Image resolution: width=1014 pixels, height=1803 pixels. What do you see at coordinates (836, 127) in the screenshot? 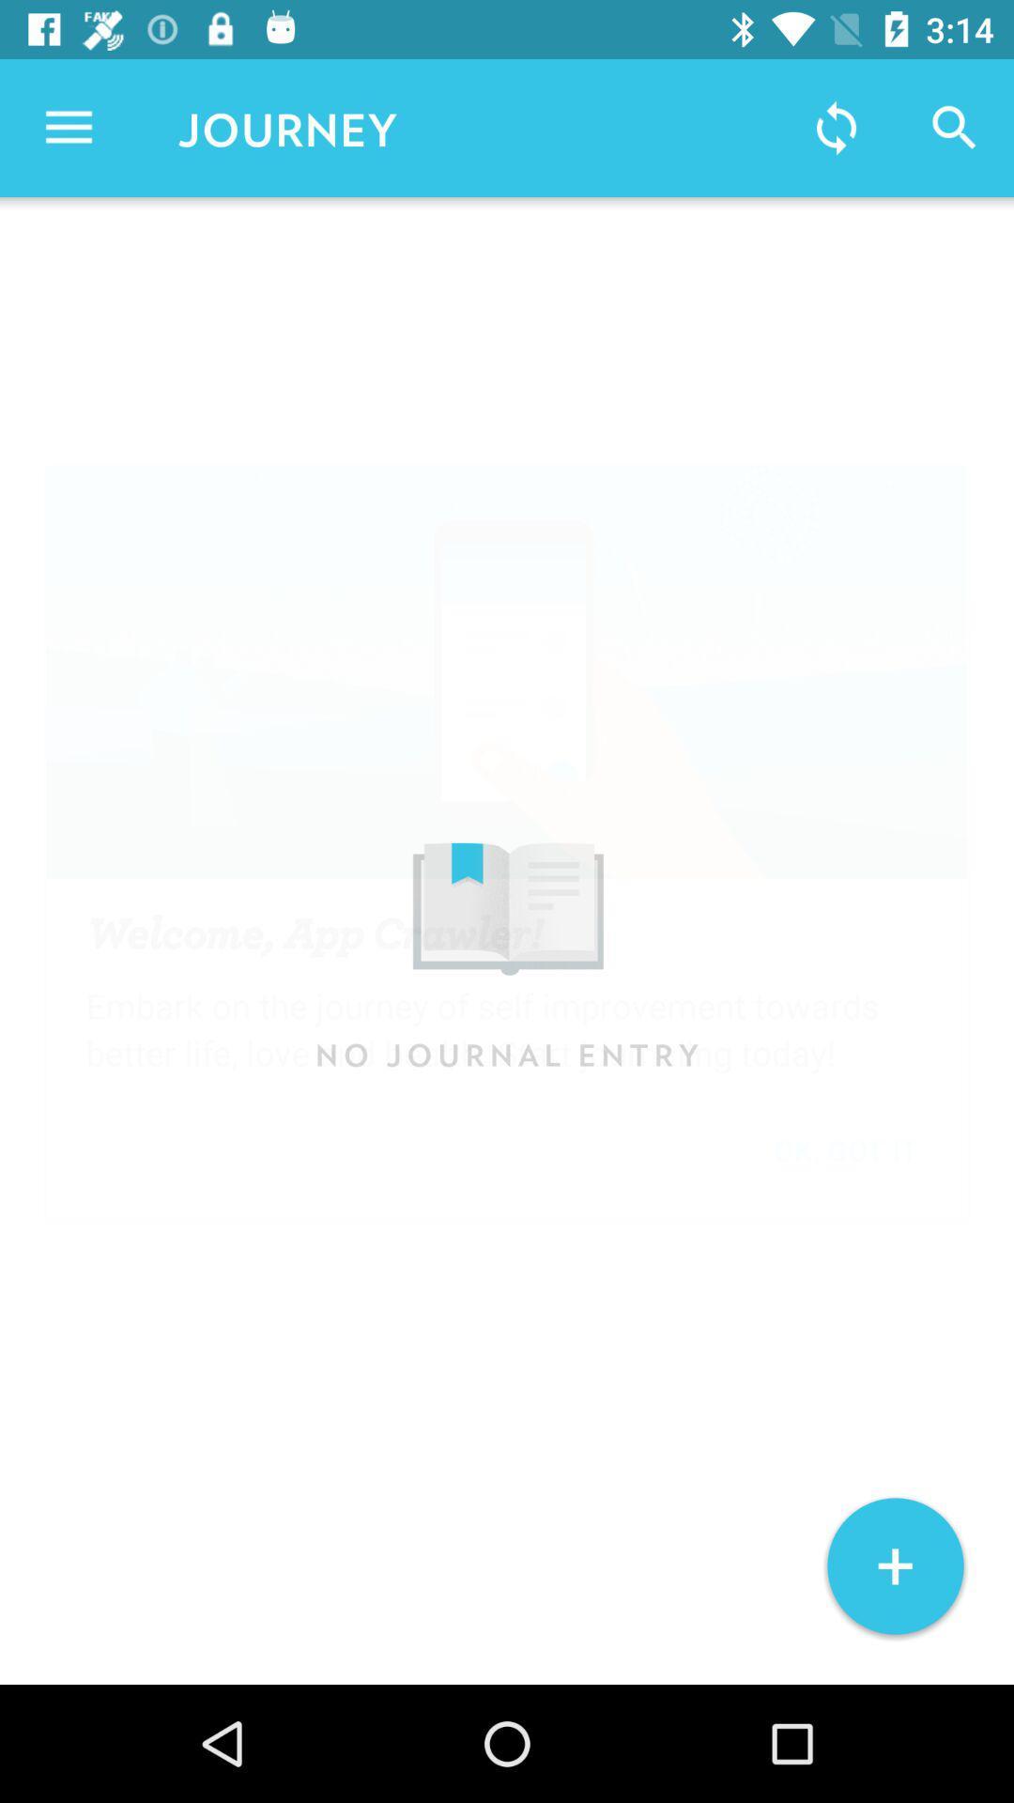
I see `the item to the right of the journey item` at bounding box center [836, 127].